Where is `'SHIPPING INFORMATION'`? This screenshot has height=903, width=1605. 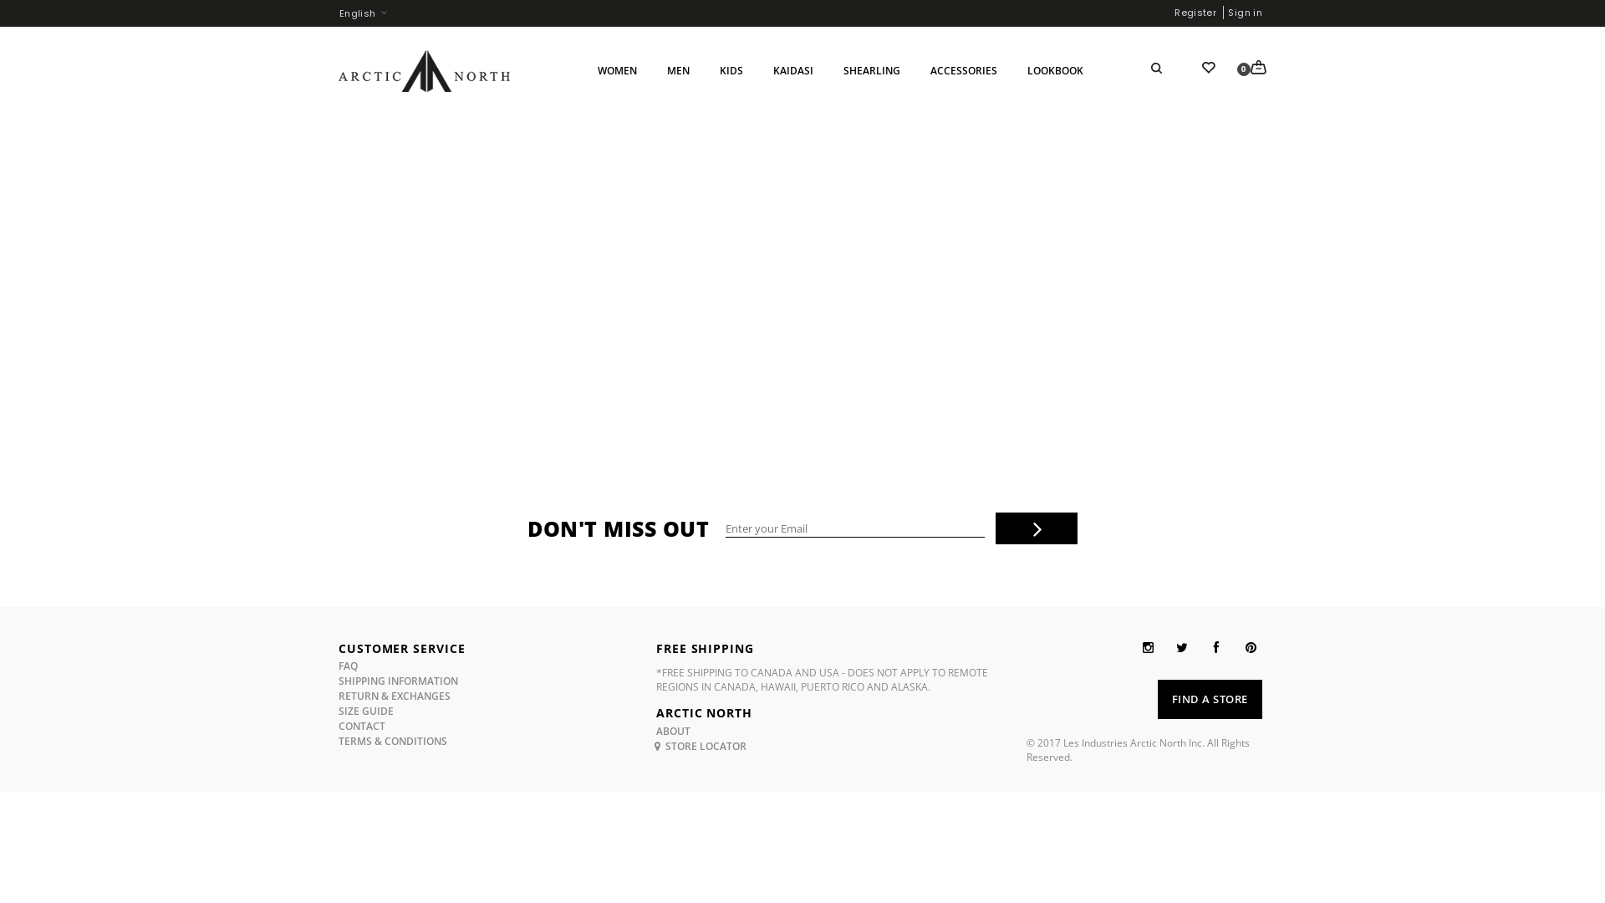
'SHIPPING INFORMATION' is located at coordinates (397, 681).